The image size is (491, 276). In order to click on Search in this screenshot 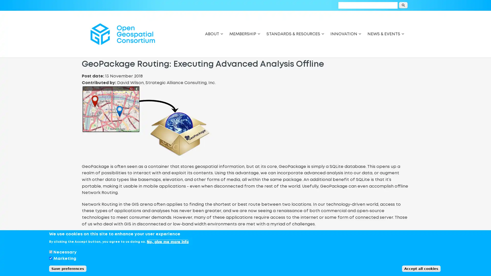, I will do `click(403, 5)`.